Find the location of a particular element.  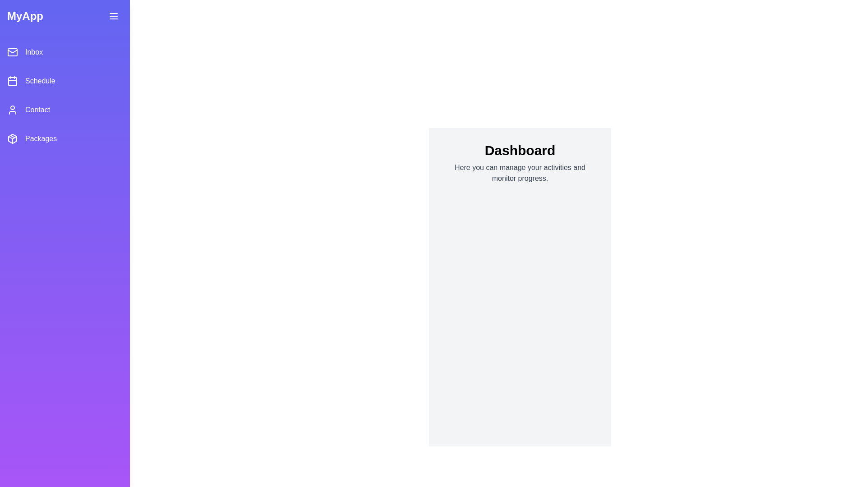

the menu item labeled Inbox to navigate to the corresponding section is located at coordinates (64, 52).